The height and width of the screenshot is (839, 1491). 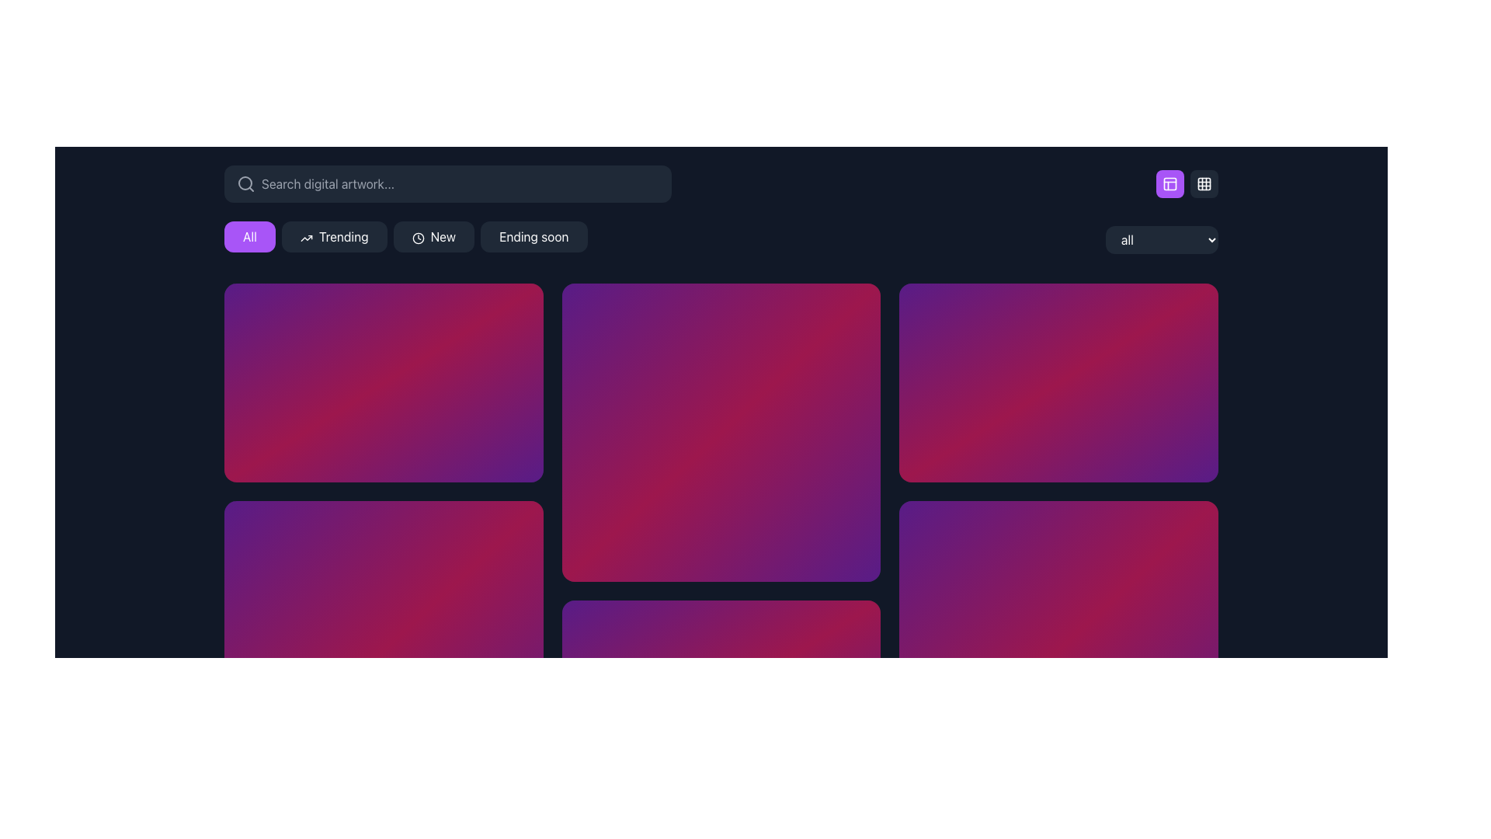 I want to click on the search bar at the top center of the interface used for looking up digital artworks, so click(x=447, y=183).